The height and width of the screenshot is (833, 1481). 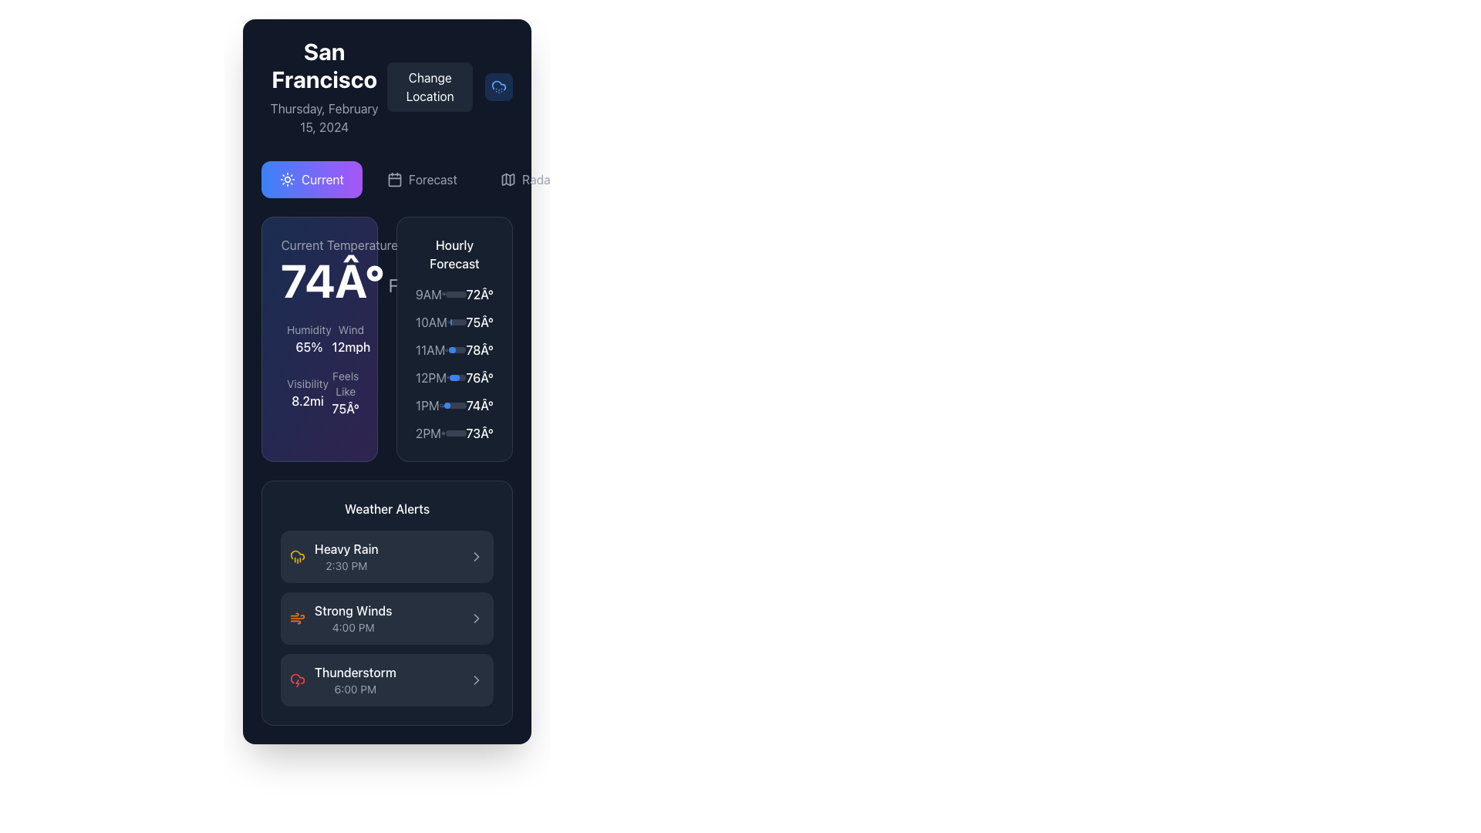 What do you see at coordinates (353, 618) in the screenshot?
I see `weather alert labeled 'Strong Winds' that is positioned in the second card of the 'Weather Alerts' section, between the 'Heavy Rain' and 'Thunderstorm' cards` at bounding box center [353, 618].